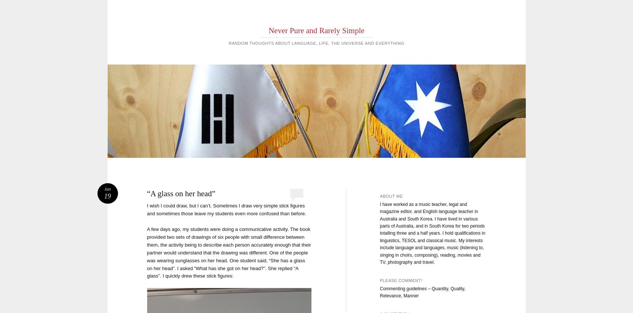 The width and height of the screenshot is (633, 313). Describe the element at coordinates (180, 193) in the screenshot. I see `'“A glass on her head”'` at that location.